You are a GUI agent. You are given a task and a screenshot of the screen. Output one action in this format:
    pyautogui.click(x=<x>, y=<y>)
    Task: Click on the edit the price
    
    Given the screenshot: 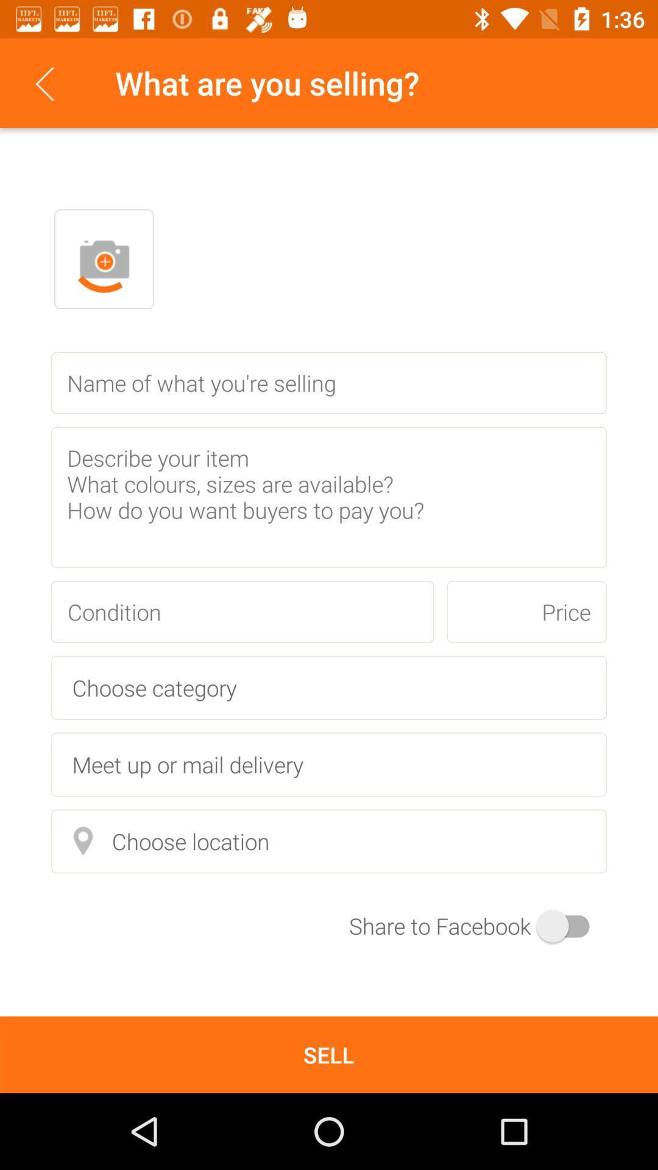 What is the action you would take?
    pyautogui.click(x=526, y=612)
    